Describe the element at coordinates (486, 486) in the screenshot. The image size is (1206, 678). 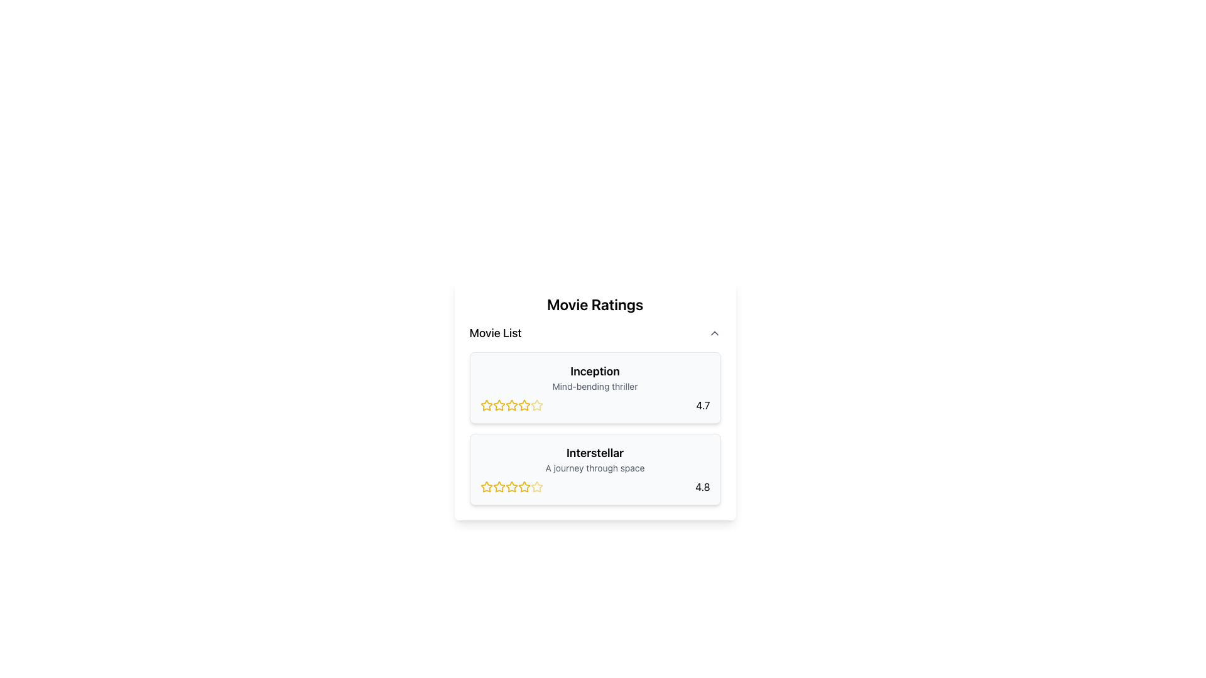
I see `the first rating star icon for the movie 'Interstellar', which is located directly beneath its title` at that location.